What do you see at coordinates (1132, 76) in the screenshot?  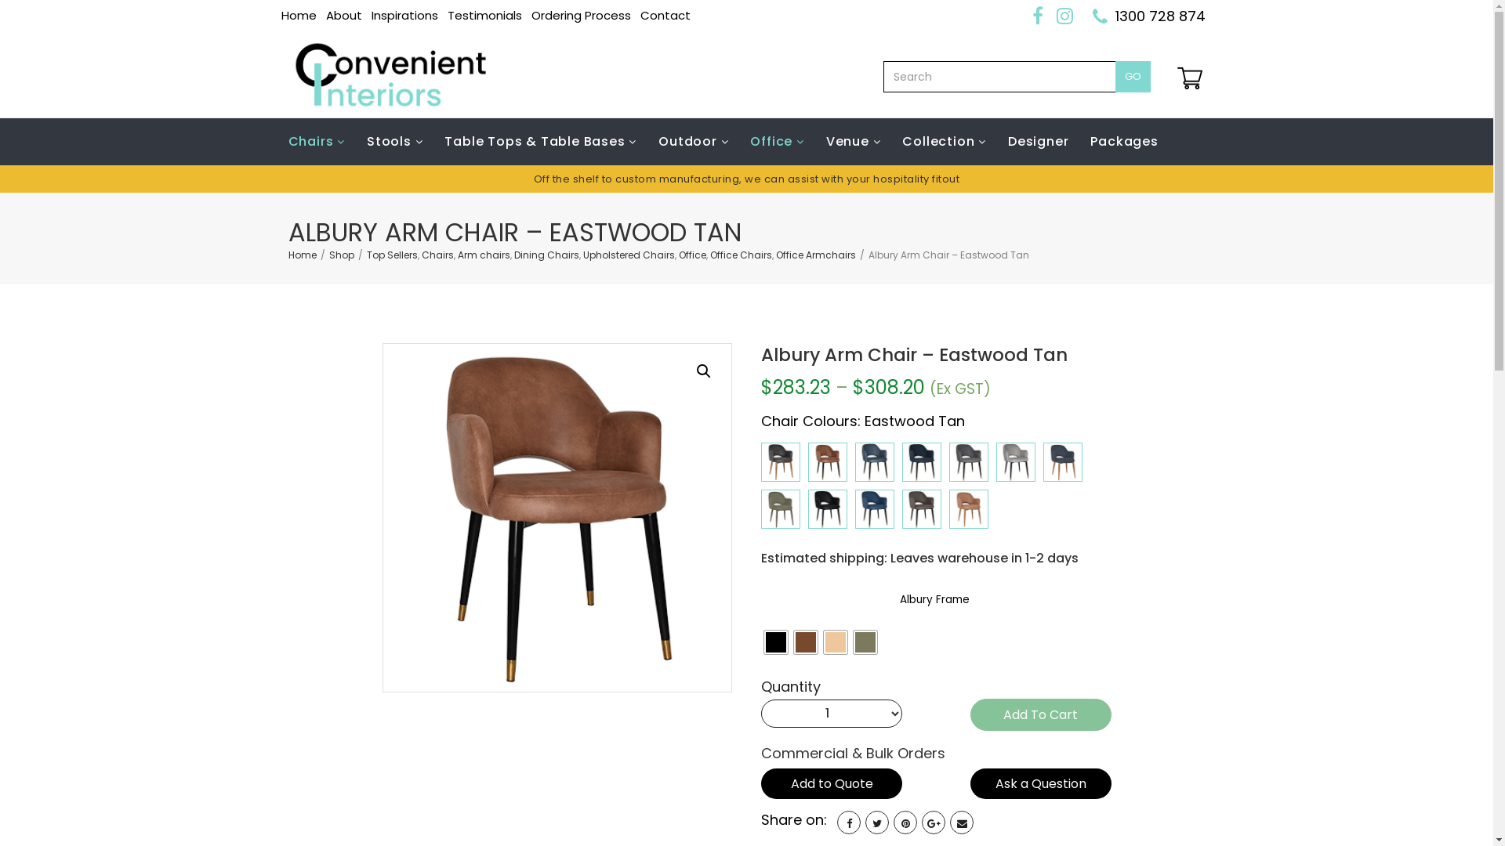 I see `'GO'` at bounding box center [1132, 76].